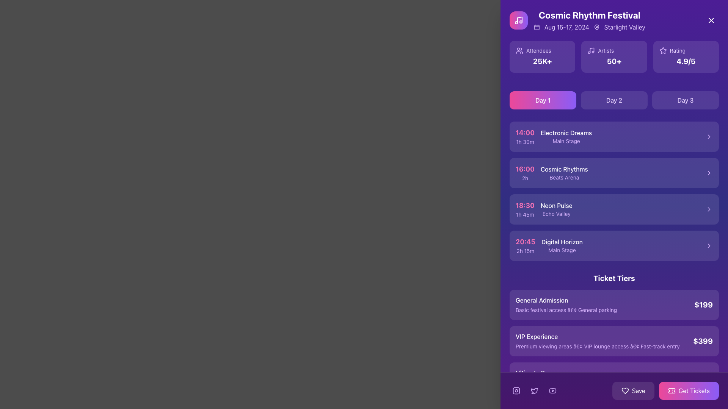 The height and width of the screenshot is (409, 728). I want to click on the Text Display showing the time '20:45' in bold pink text with smaller purple text '2h 15m' below it, positioned in the fourth event section before the event title 'Digital Horizon', so click(525, 245).